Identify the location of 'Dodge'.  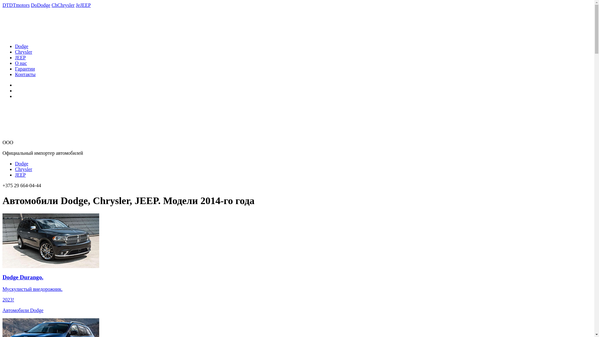
(15, 163).